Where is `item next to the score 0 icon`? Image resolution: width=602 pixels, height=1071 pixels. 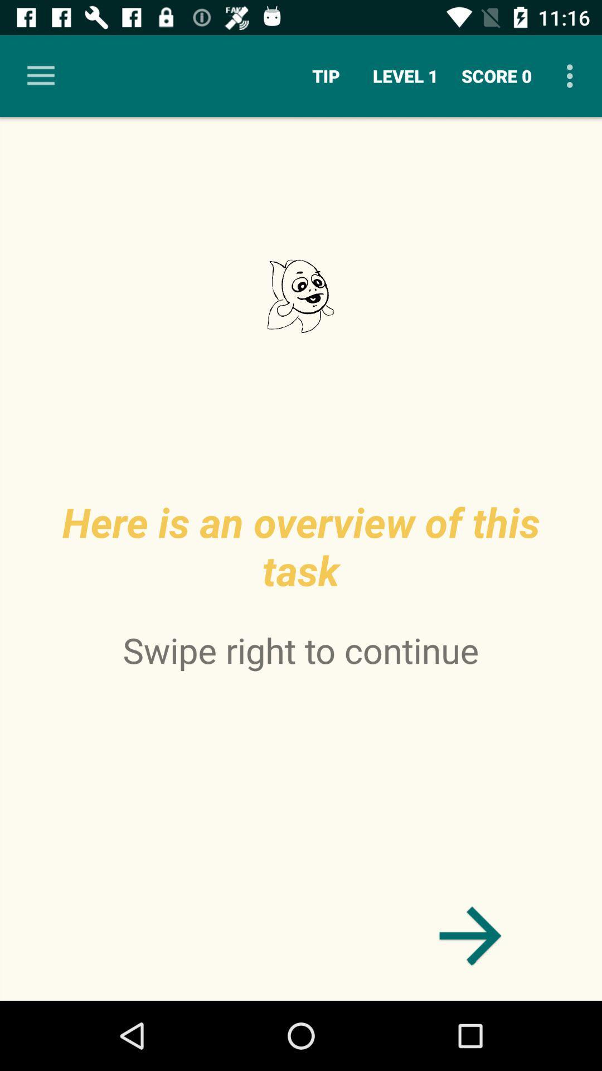 item next to the score 0 icon is located at coordinates (405, 75).